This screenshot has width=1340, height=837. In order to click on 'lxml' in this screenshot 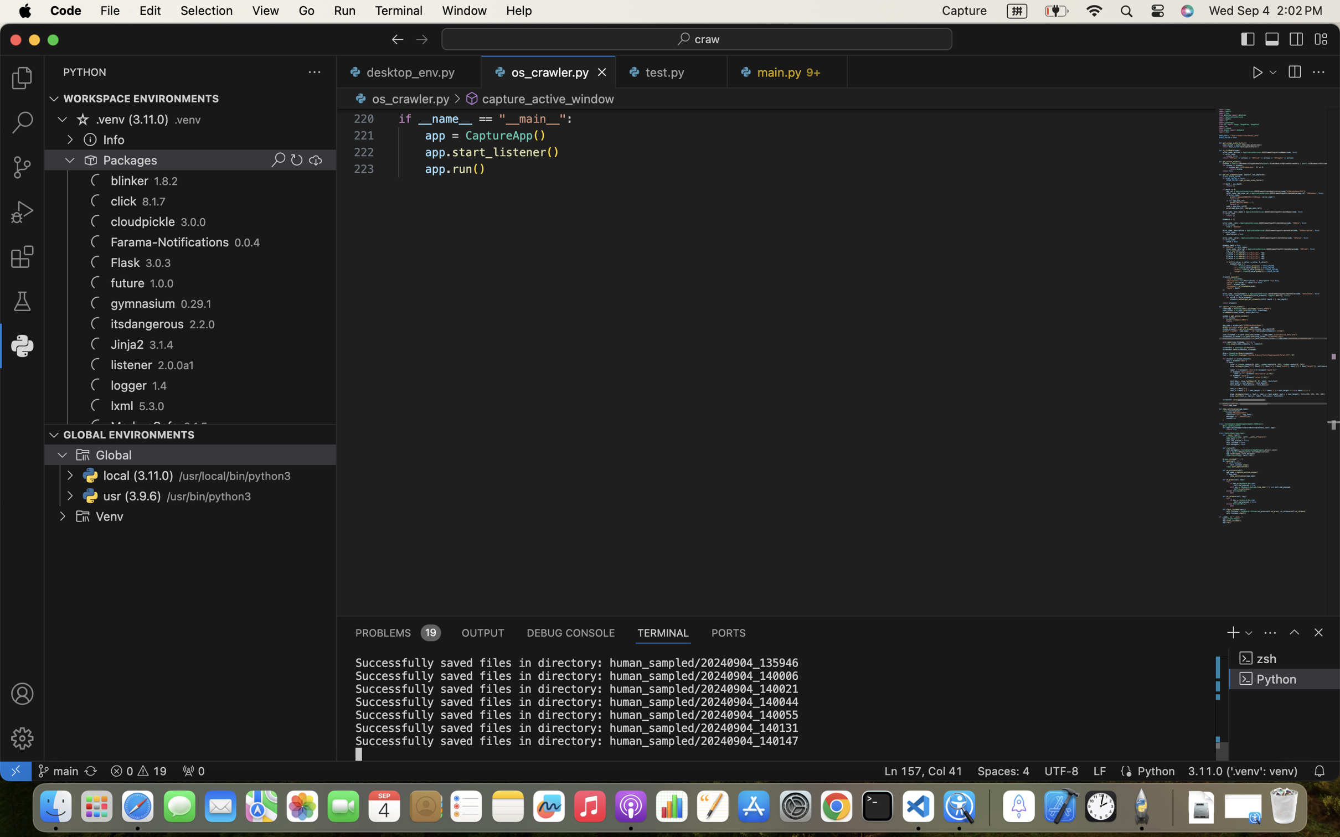, I will do `click(121, 405)`.